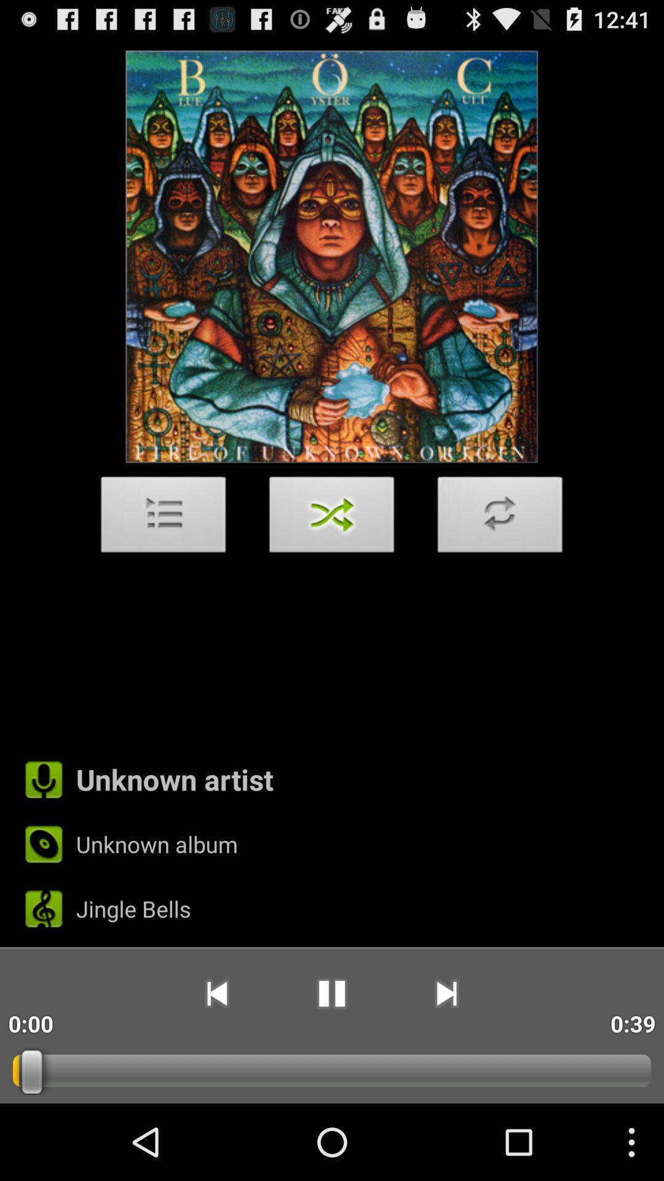  I want to click on item next to the 0:39 item, so click(446, 993).